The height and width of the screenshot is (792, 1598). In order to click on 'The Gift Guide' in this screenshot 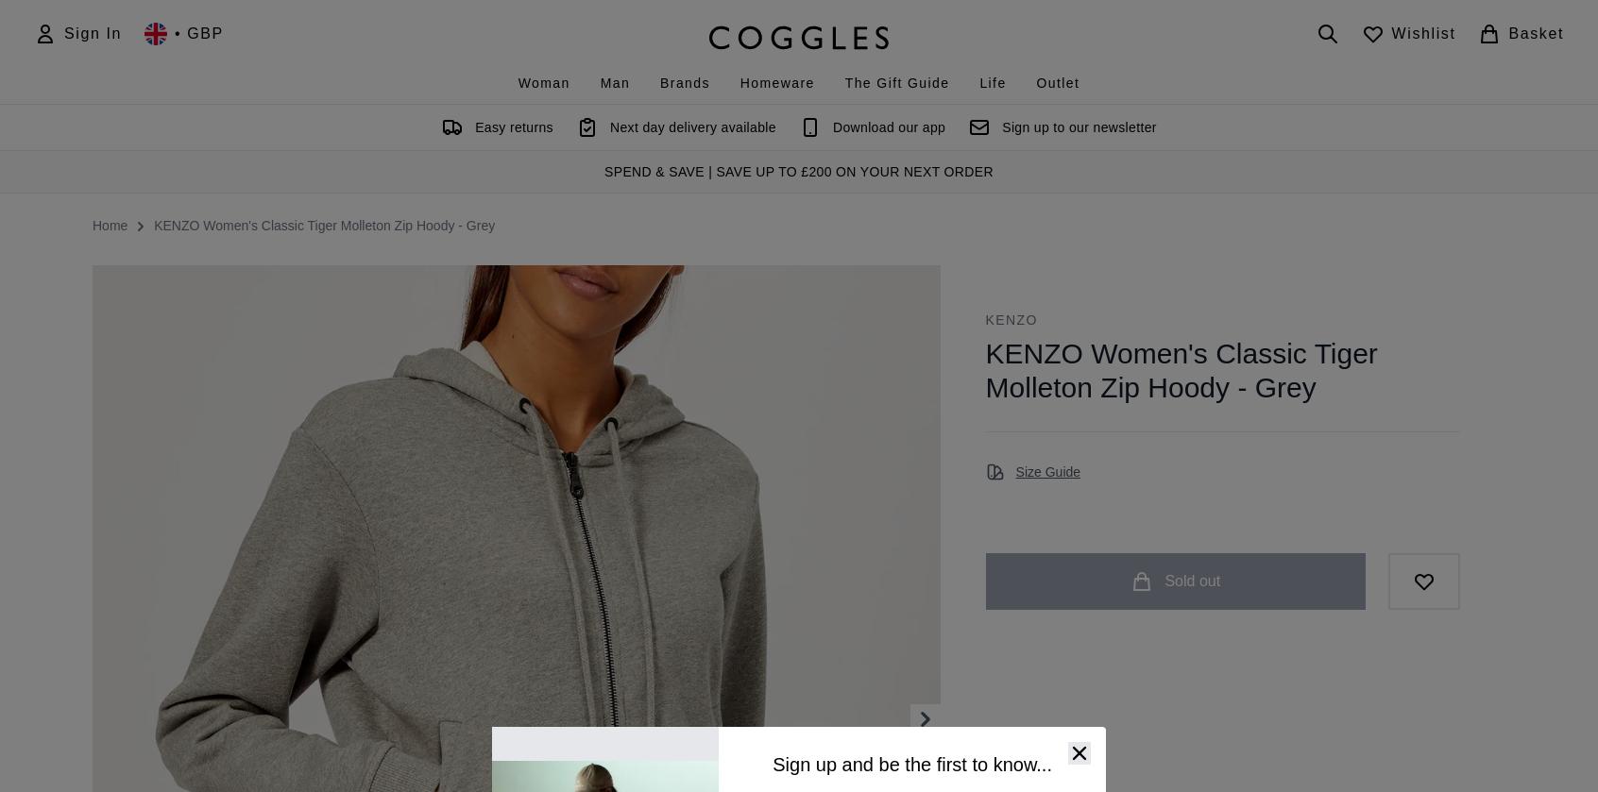, I will do `click(843, 83)`.